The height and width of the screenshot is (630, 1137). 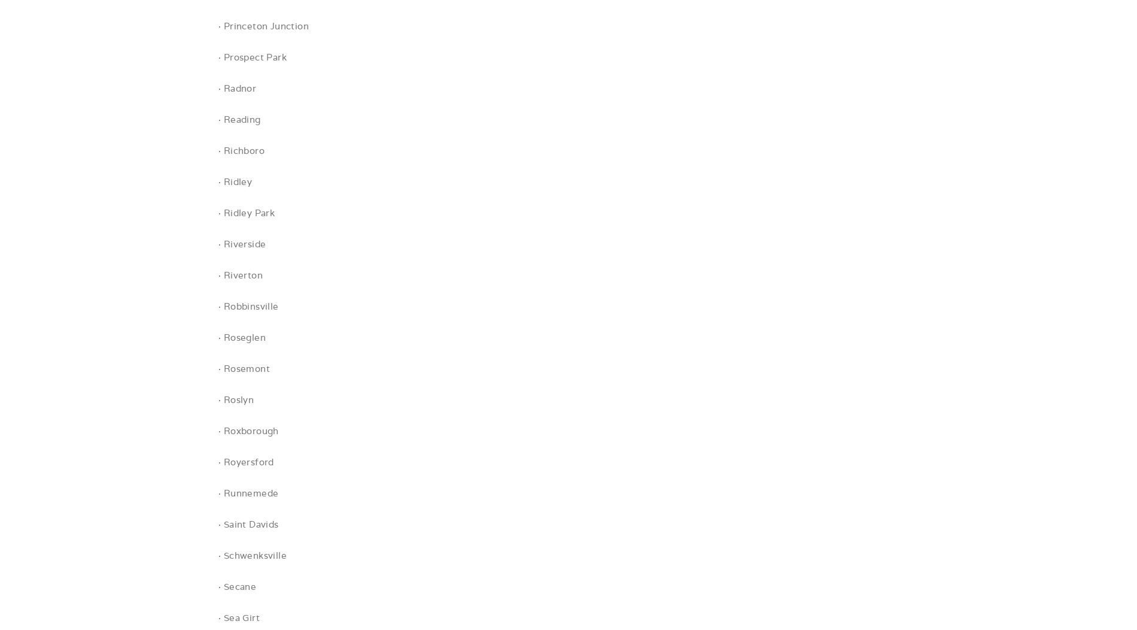 I want to click on '· Princeton Junction', so click(x=217, y=26).